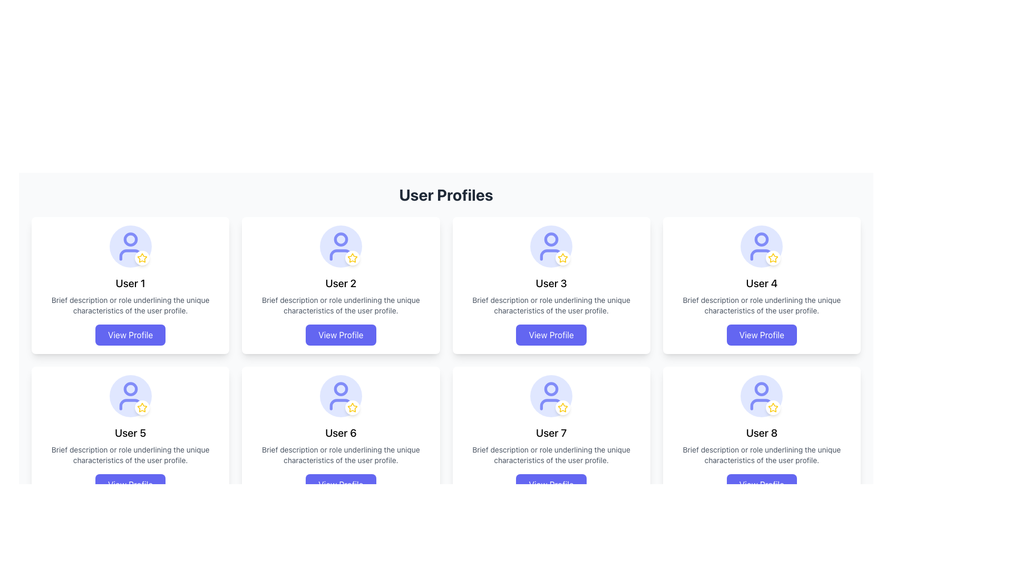 The height and width of the screenshot is (569, 1012). Describe the element at coordinates (352, 258) in the screenshot. I see `the circular icon indicating a favorite or special feature for User 2, located at the bottom-right corner of User 2's profile card` at that location.